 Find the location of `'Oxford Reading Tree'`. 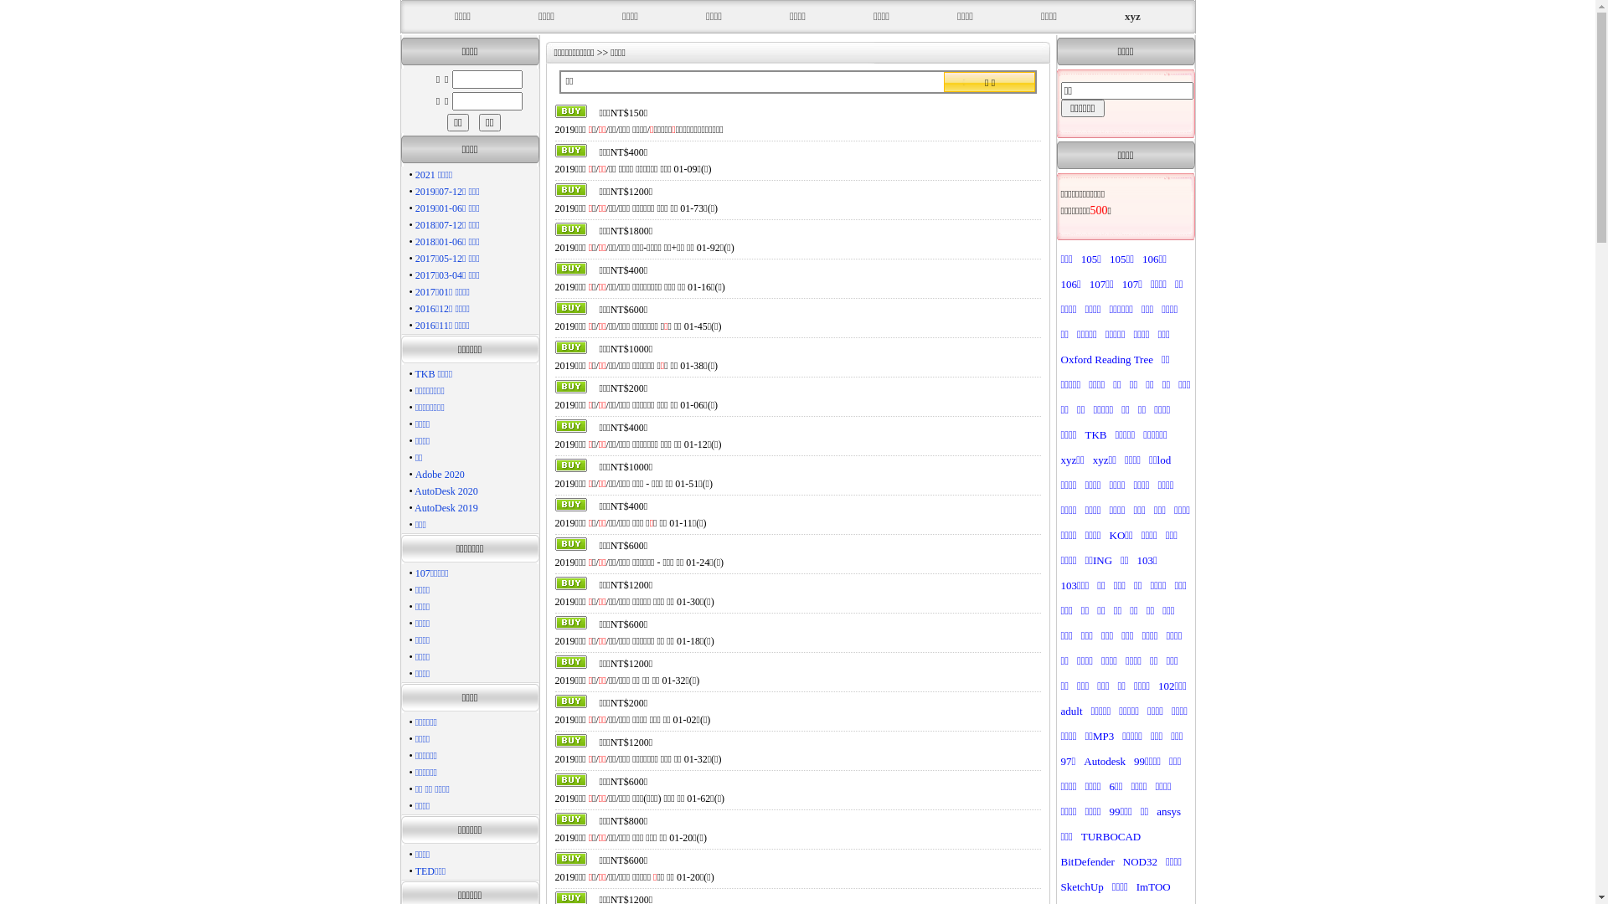

'Oxford Reading Tree' is located at coordinates (1106, 358).